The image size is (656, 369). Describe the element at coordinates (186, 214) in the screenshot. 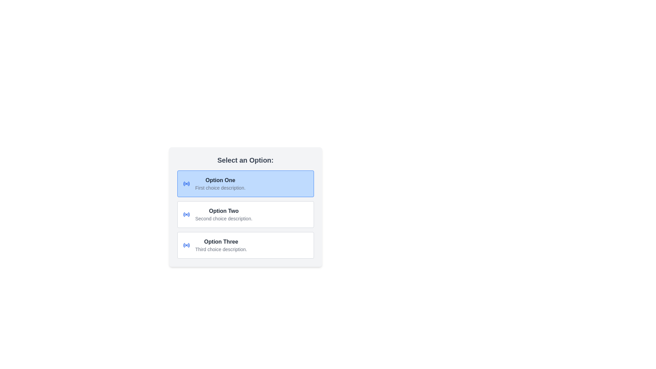

I see `the blue radio wave icon located to the left of the 'Option Two' button in the 'Select an Option' section` at that location.